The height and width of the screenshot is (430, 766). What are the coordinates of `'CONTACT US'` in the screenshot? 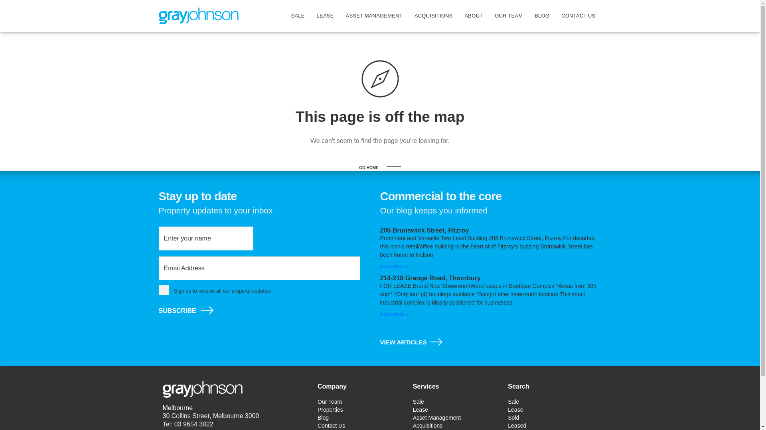 It's located at (555, 16).